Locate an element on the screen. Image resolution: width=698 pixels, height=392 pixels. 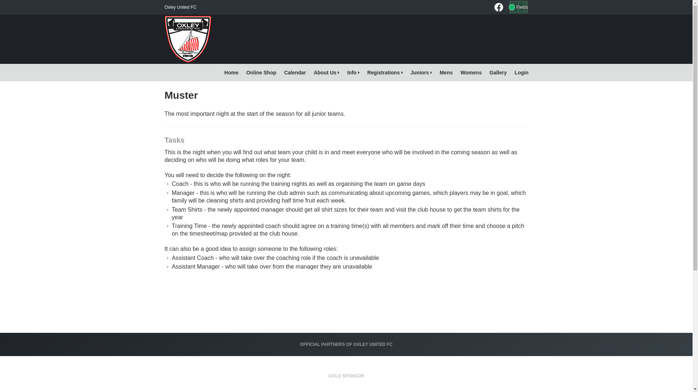
'Registrations' is located at coordinates (384, 73).